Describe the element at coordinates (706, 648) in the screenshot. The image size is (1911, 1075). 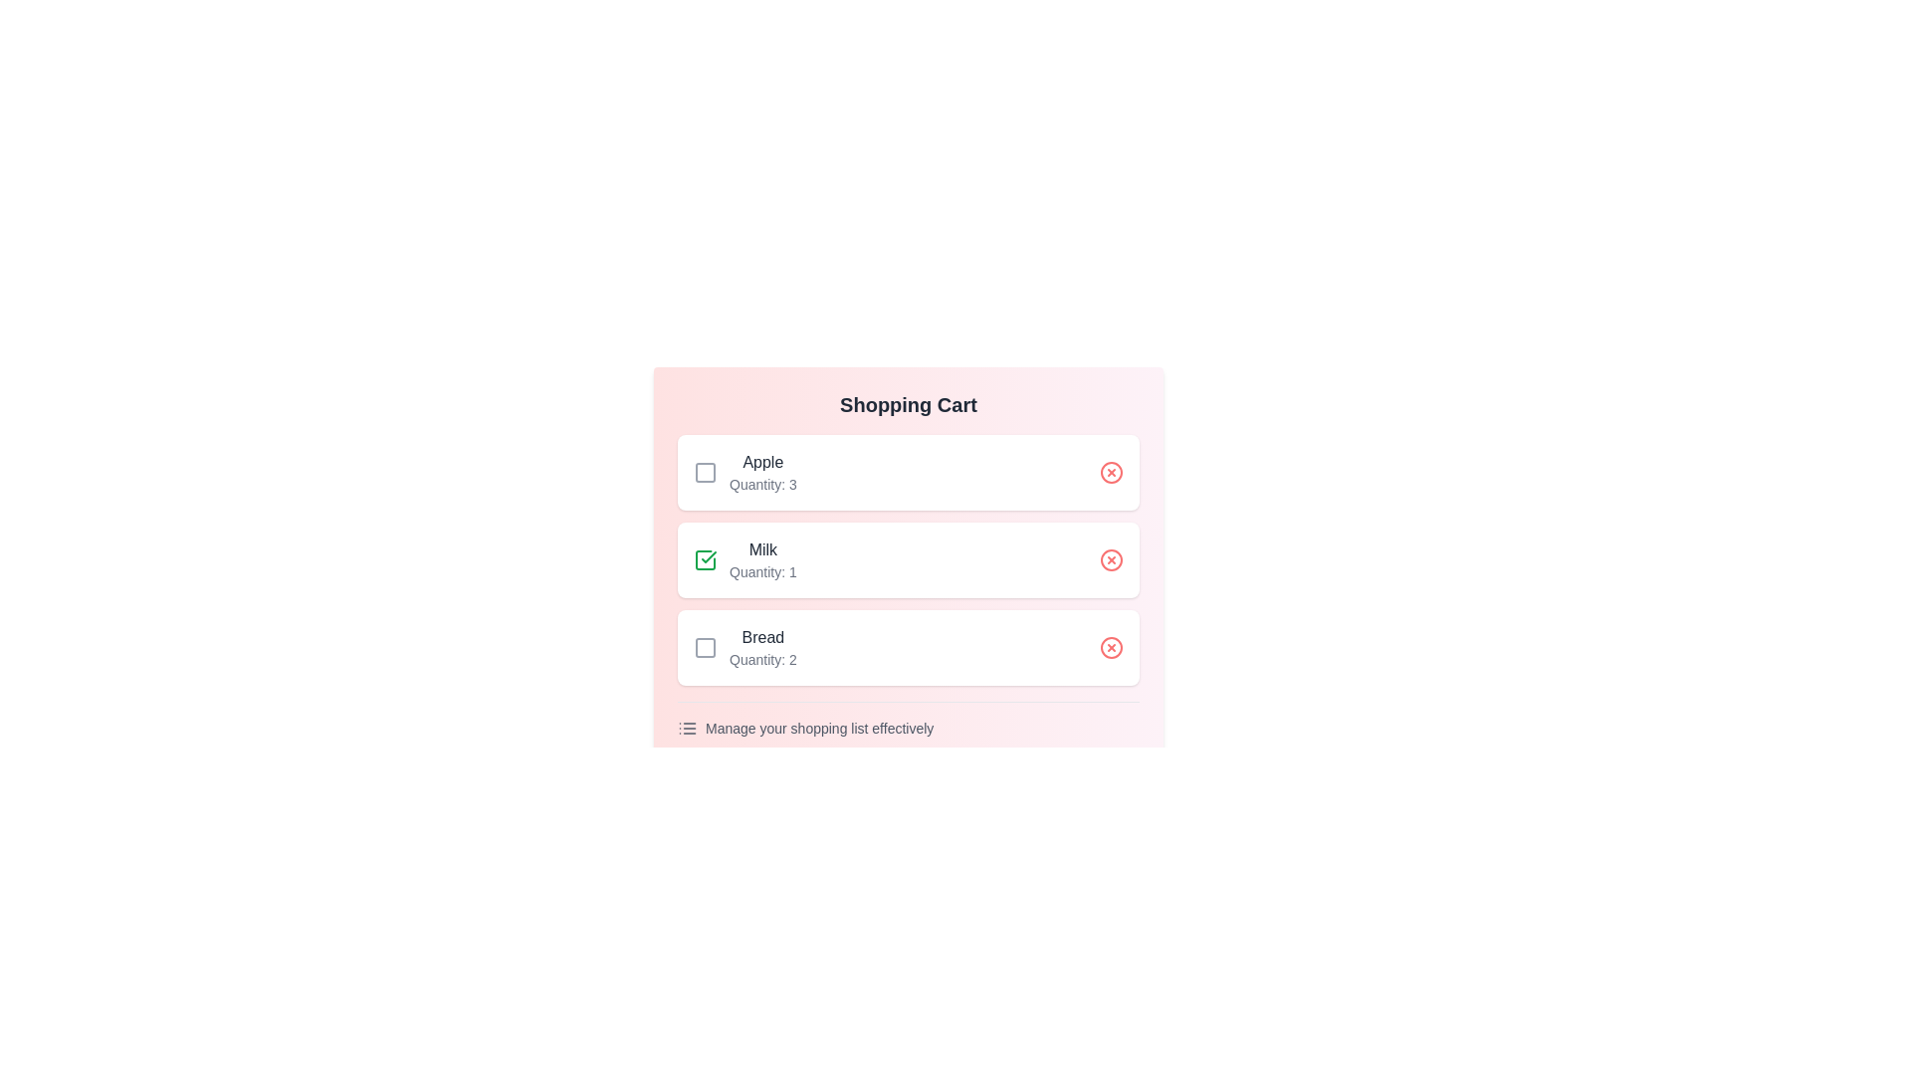
I see `checkbox for the item titled Bread to toggle its bought status` at that location.